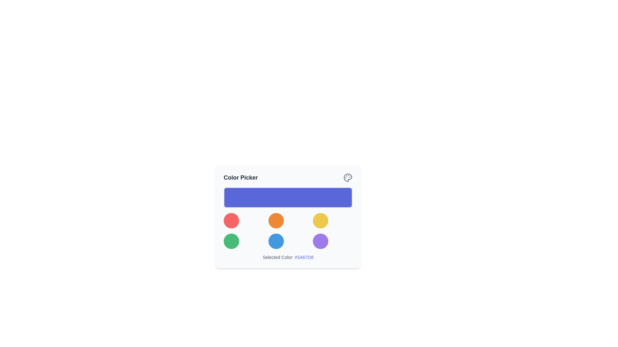  What do you see at coordinates (321, 220) in the screenshot?
I see `the yellow circular interactive button located in the top-right corner of the grid layout` at bounding box center [321, 220].